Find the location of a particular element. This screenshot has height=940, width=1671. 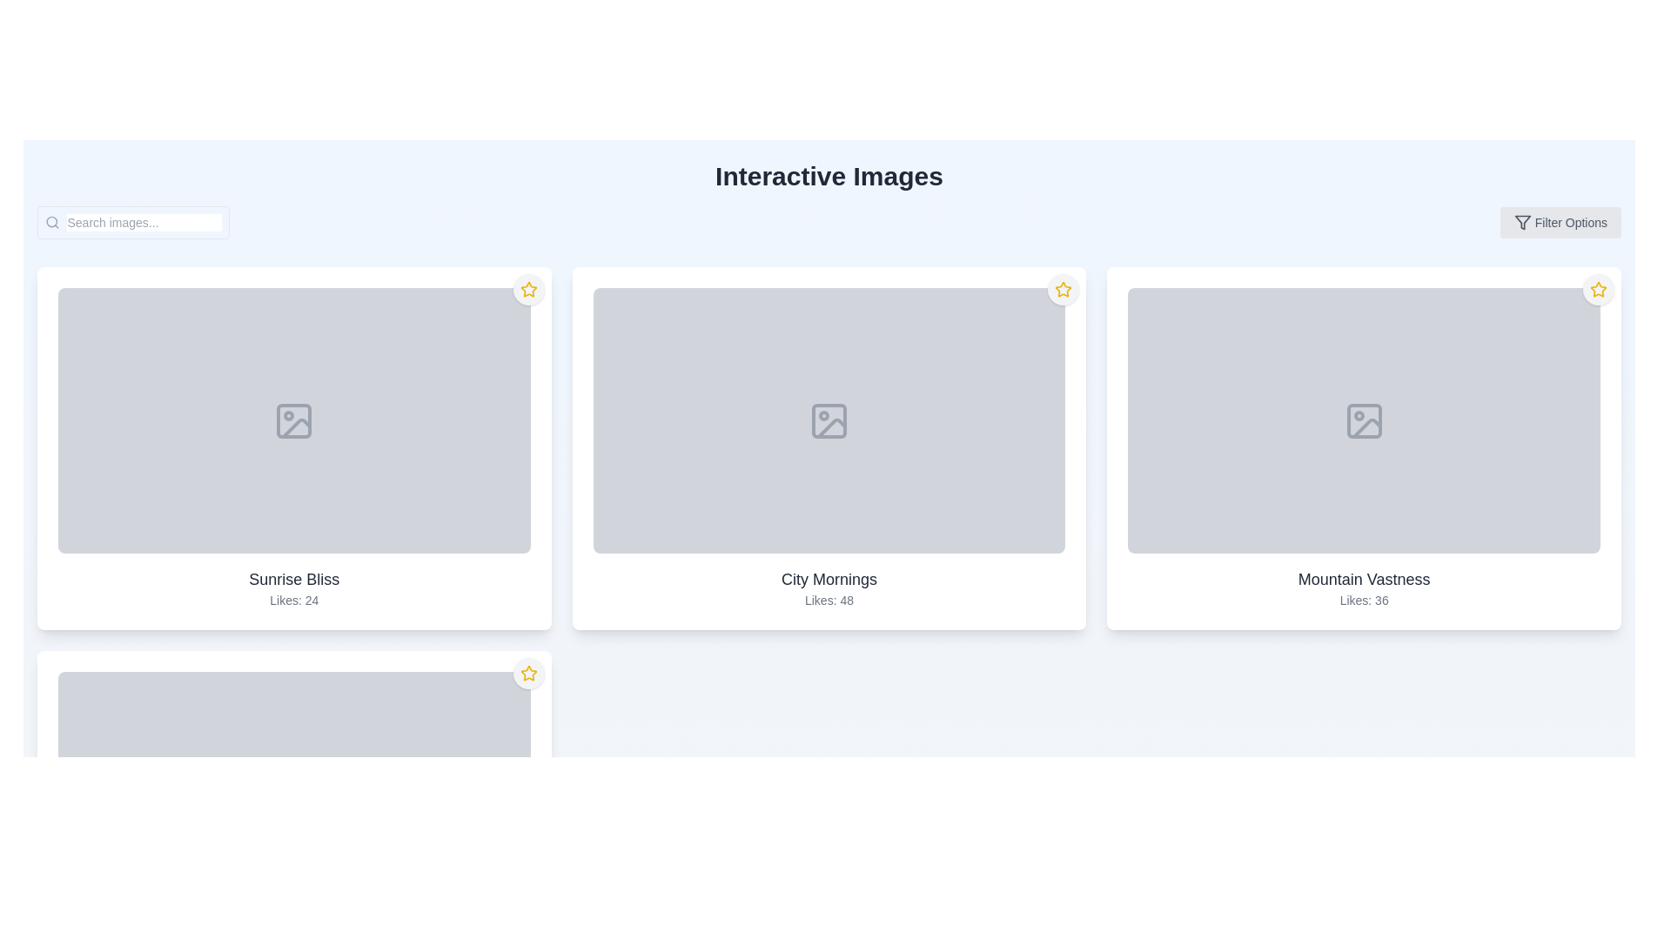

the star icon button with a light gray background in the top-right corner of the 'Mountain Vastness' card is located at coordinates (1599, 288).